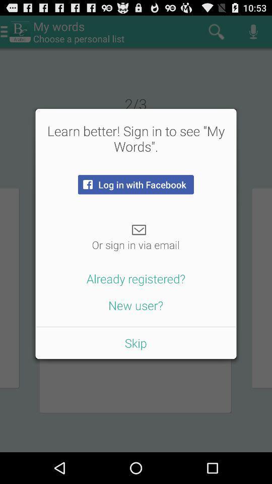 This screenshot has height=484, width=272. Describe the element at coordinates (135, 305) in the screenshot. I see `new user? item` at that location.